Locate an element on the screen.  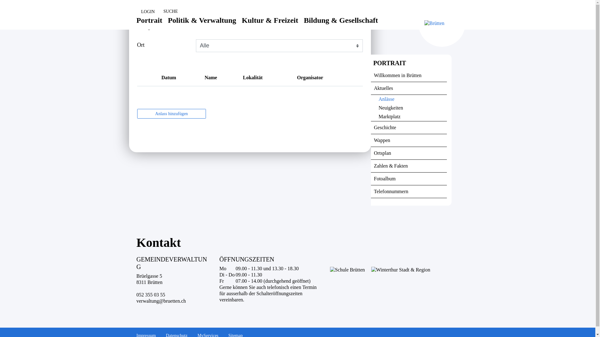
'LOGIN' is located at coordinates (136, 12).